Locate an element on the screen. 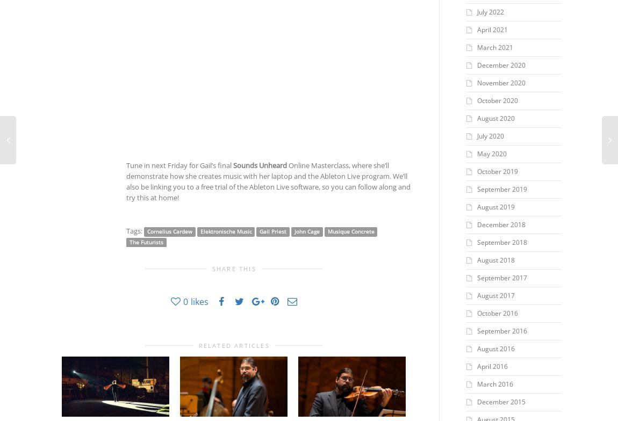 Image resolution: width=618 pixels, height=421 pixels. 'Related Articles' is located at coordinates (234, 345).